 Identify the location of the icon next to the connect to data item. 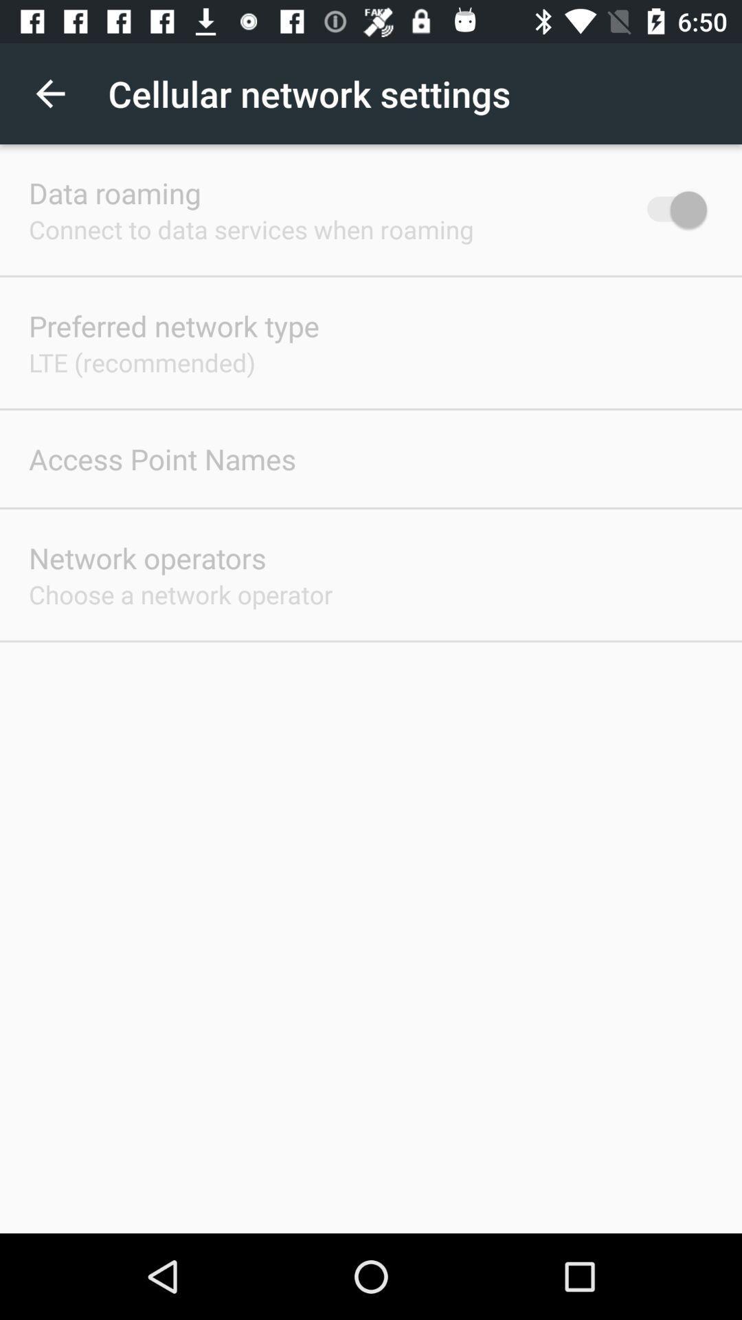
(669, 208).